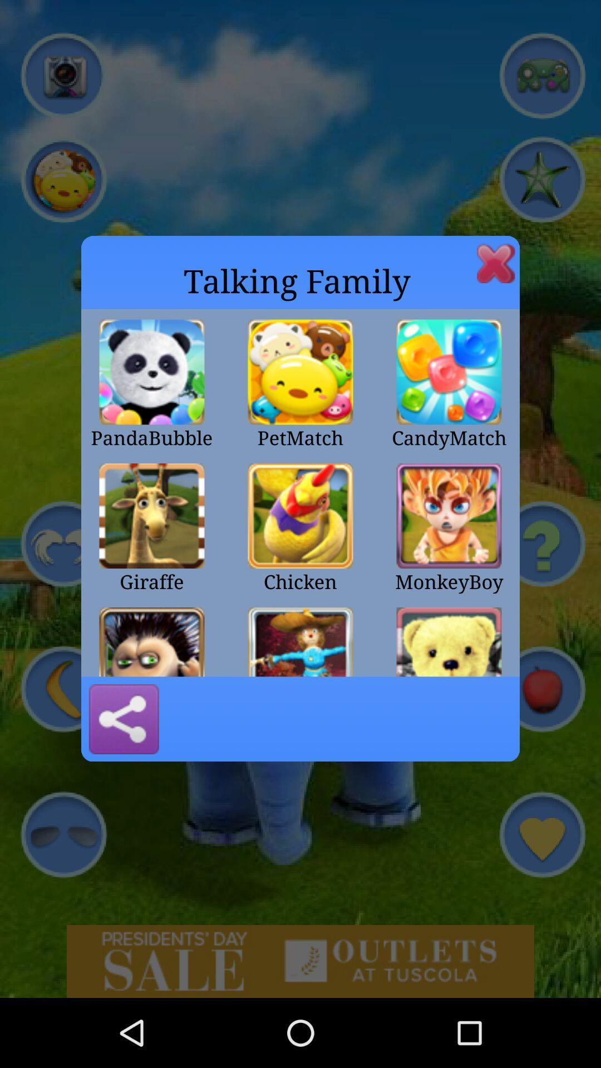 The height and width of the screenshot is (1068, 601). What do you see at coordinates (124, 719) in the screenshot?
I see `share the article` at bounding box center [124, 719].